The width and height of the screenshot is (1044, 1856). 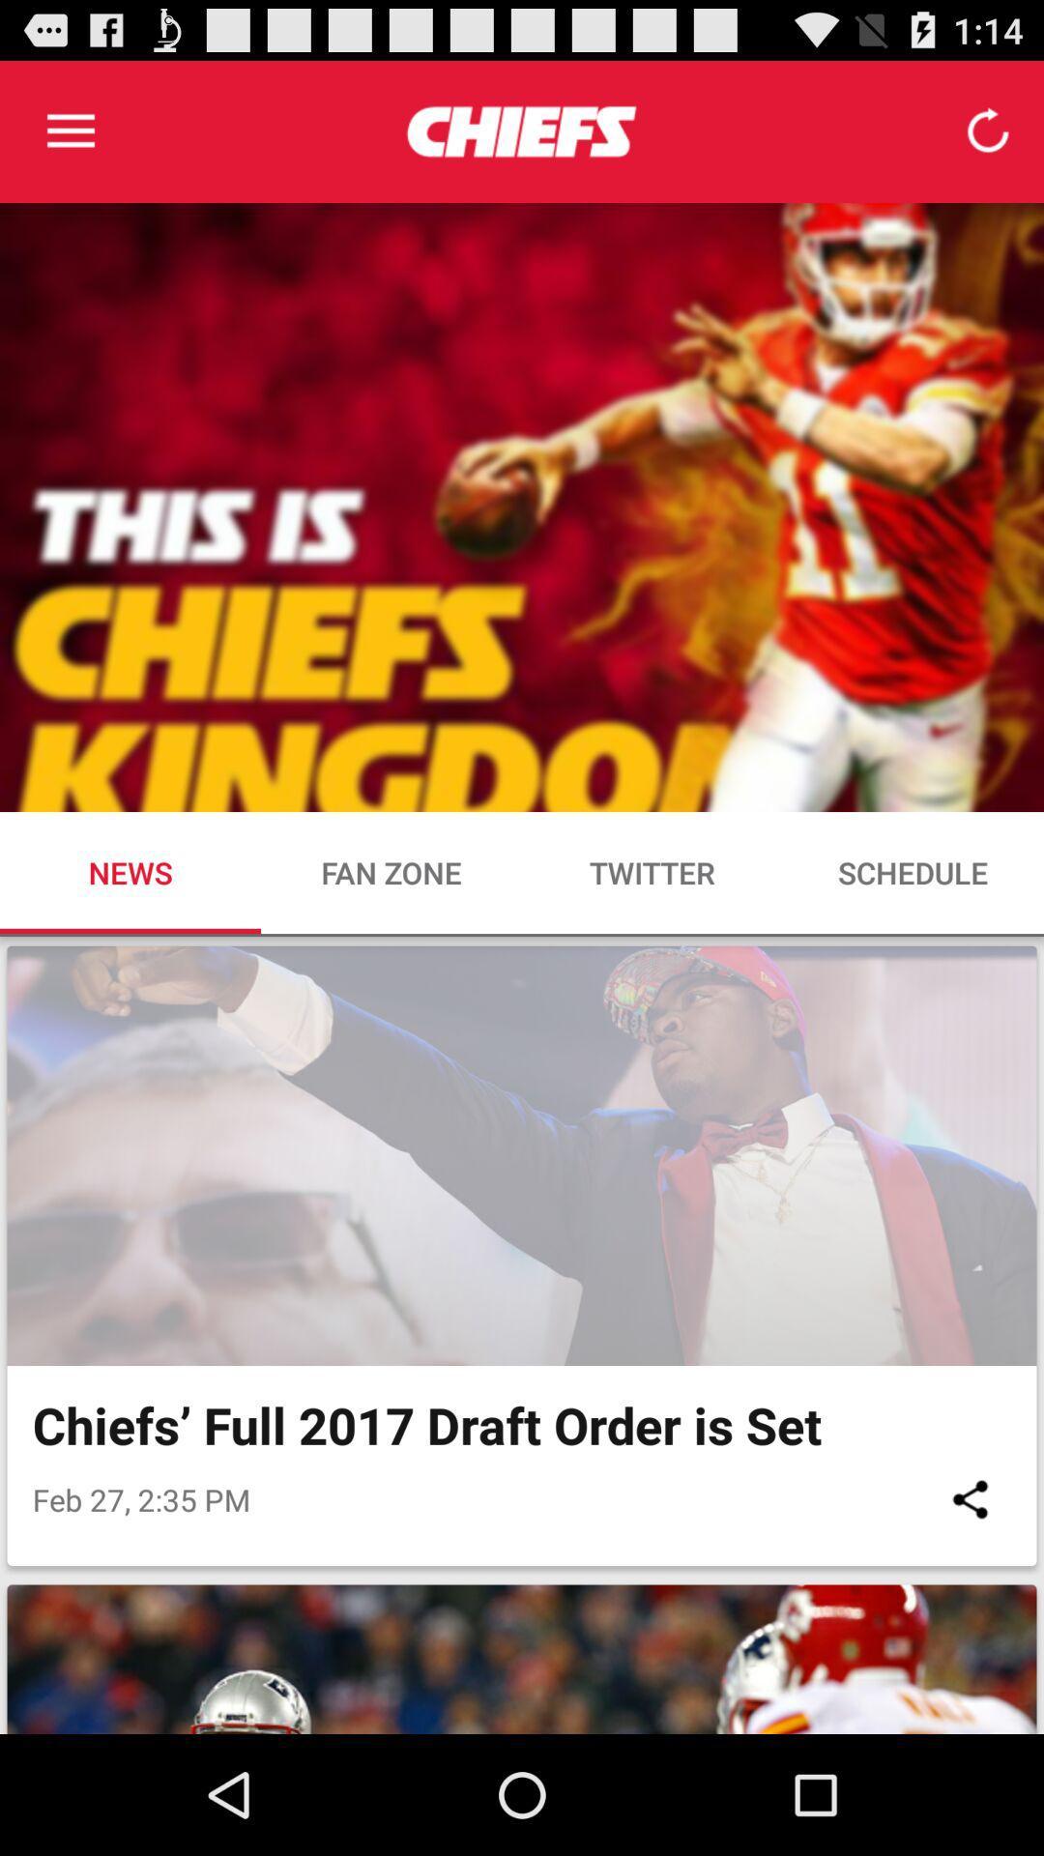 What do you see at coordinates (970, 1498) in the screenshot?
I see `the item to the right of feb 27 2 icon` at bounding box center [970, 1498].